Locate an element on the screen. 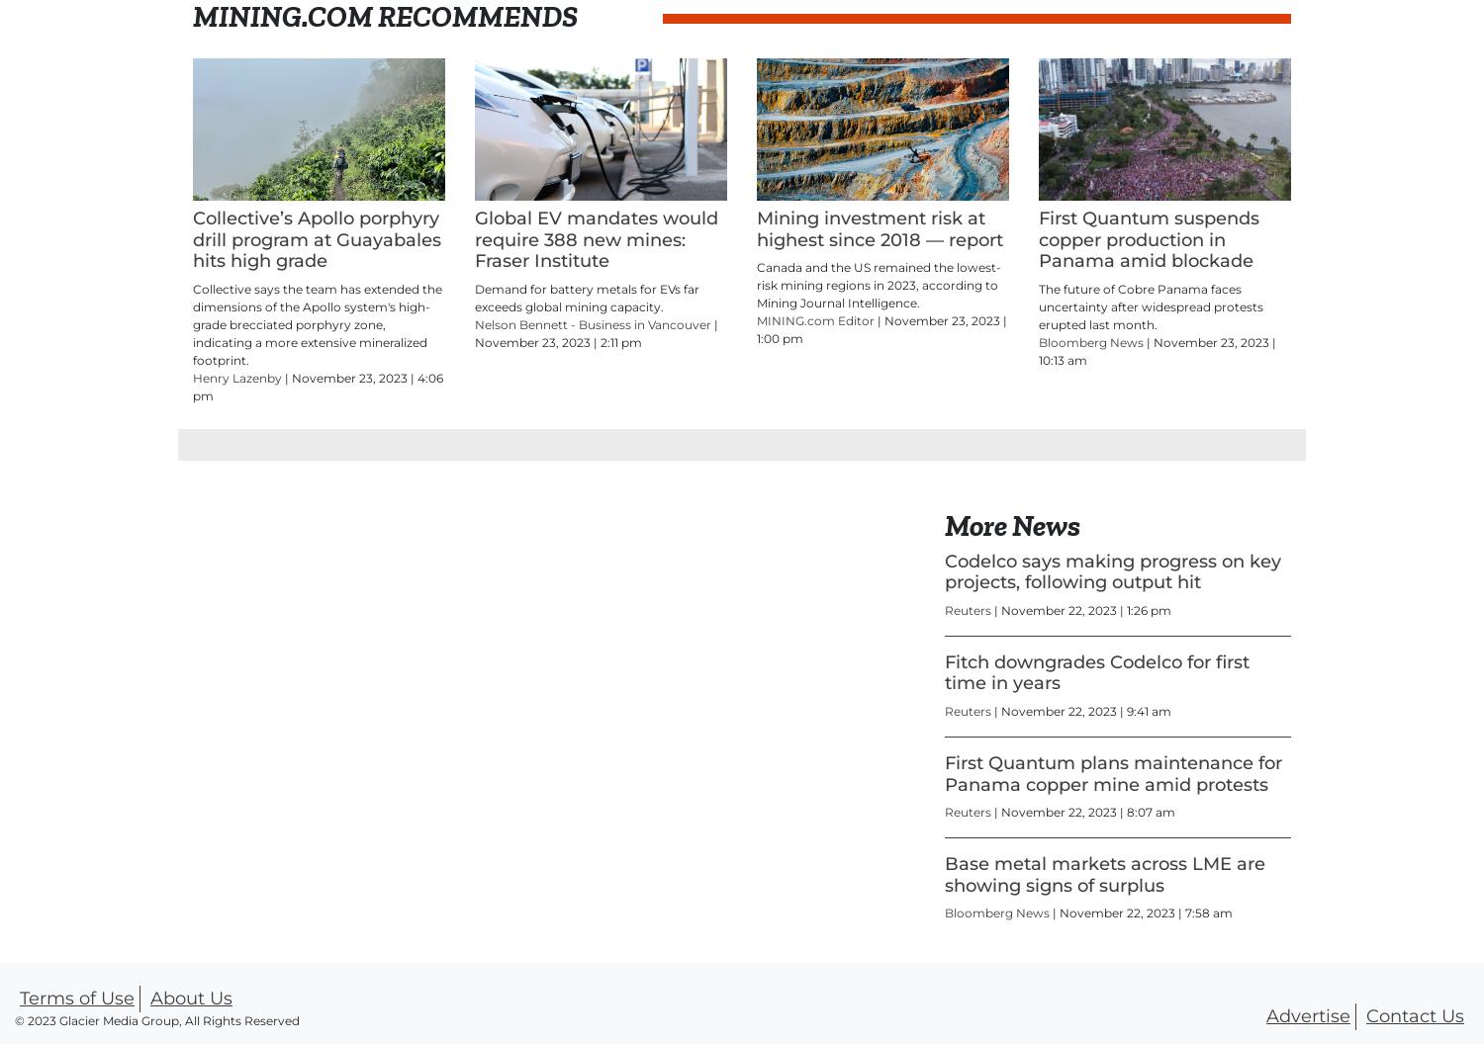 Image resolution: width=1484 pixels, height=1044 pixels. 'Terms of Use' is located at coordinates (76, 997).